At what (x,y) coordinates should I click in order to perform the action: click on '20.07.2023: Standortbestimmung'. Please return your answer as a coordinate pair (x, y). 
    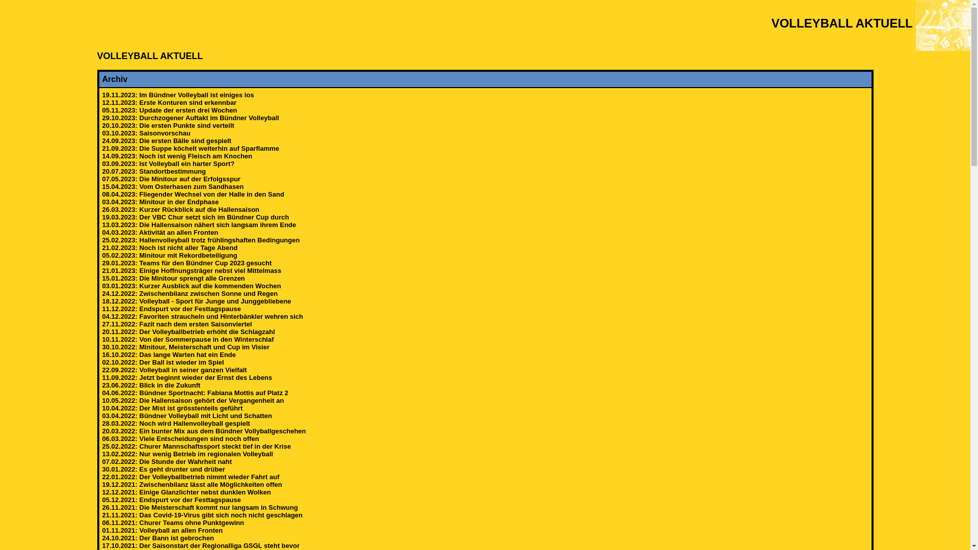
    Looking at the image, I should click on (153, 171).